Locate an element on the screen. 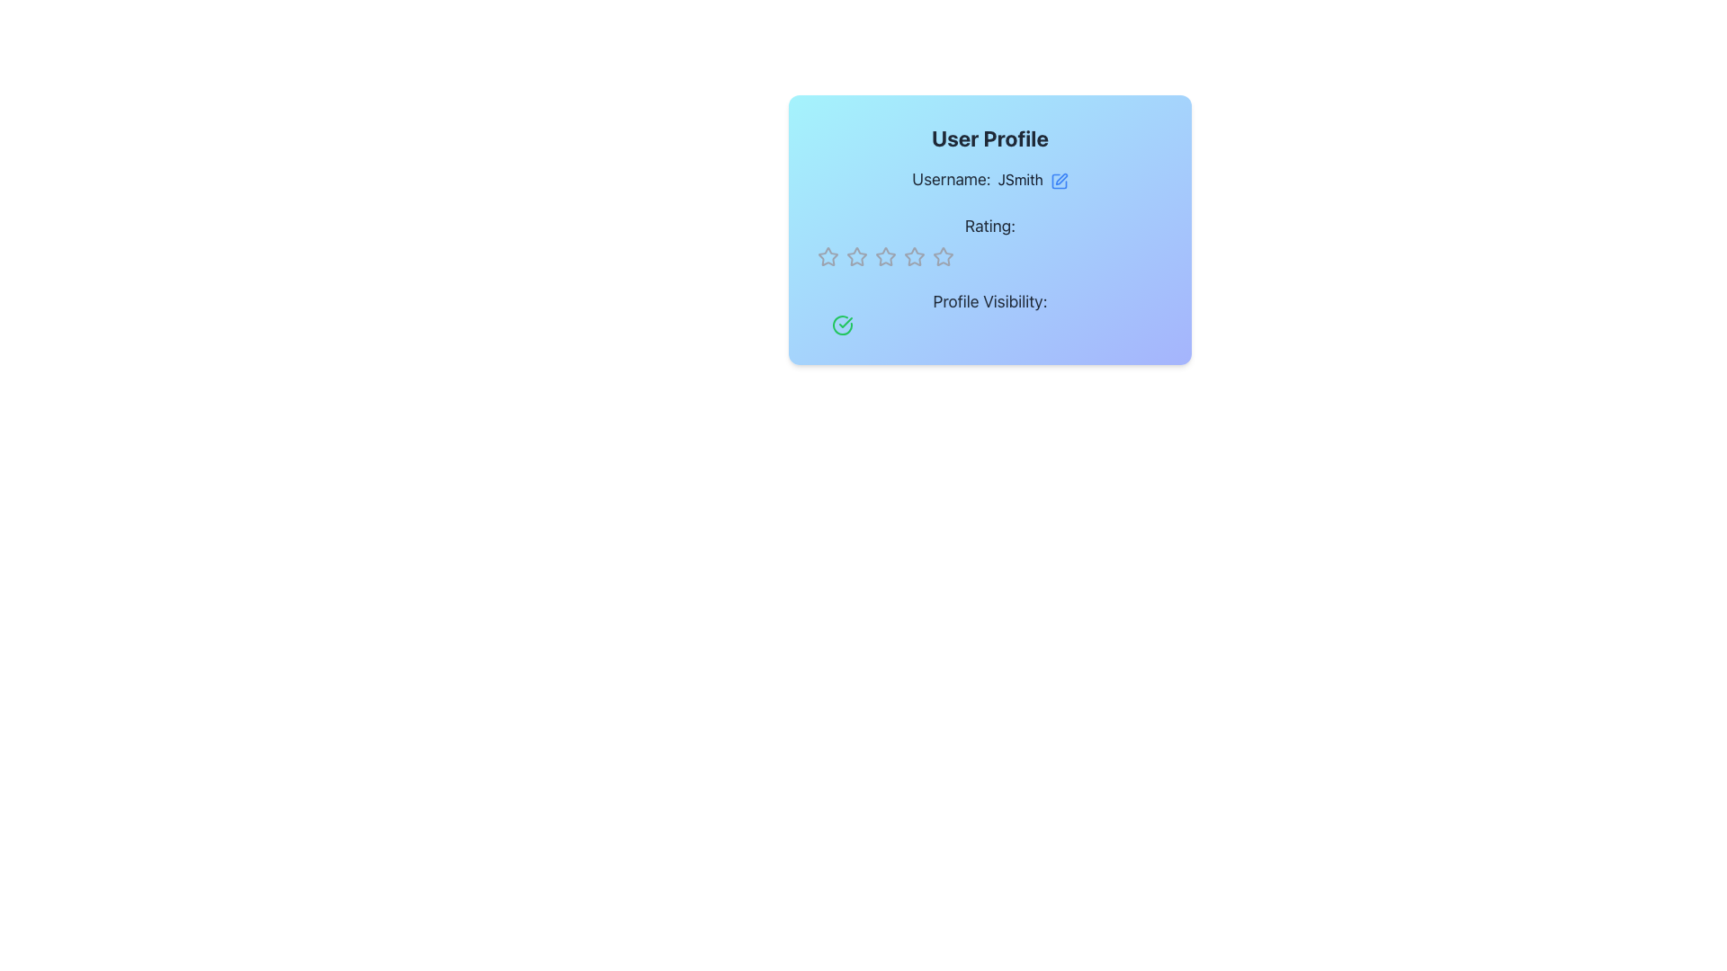 The image size is (1727, 971). the fourth Rating Star icon, which is outlined in gray is located at coordinates (943, 256).